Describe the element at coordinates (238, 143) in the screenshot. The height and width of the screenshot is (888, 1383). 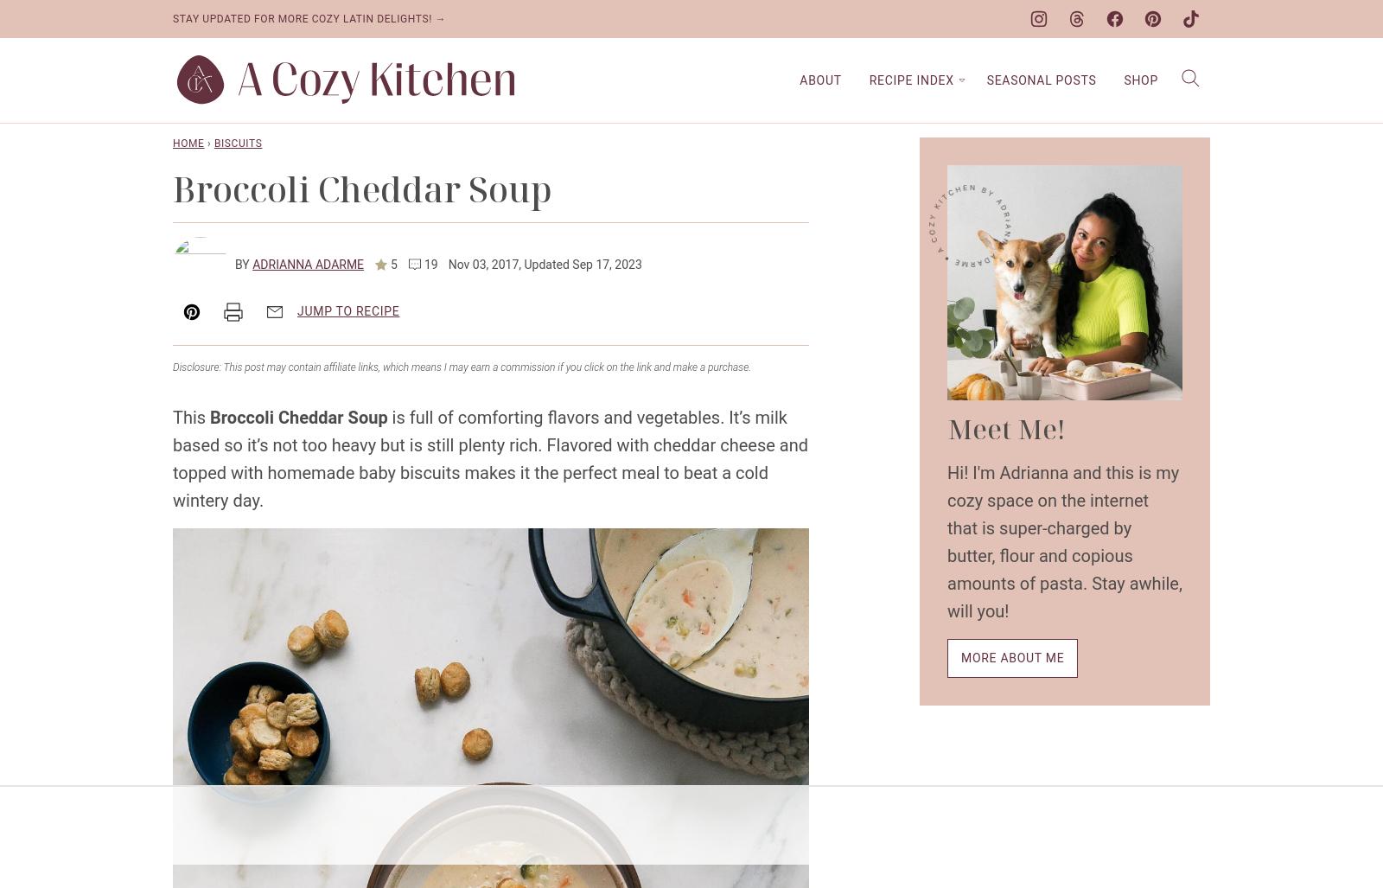
I see `'Biscuits'` at that location.